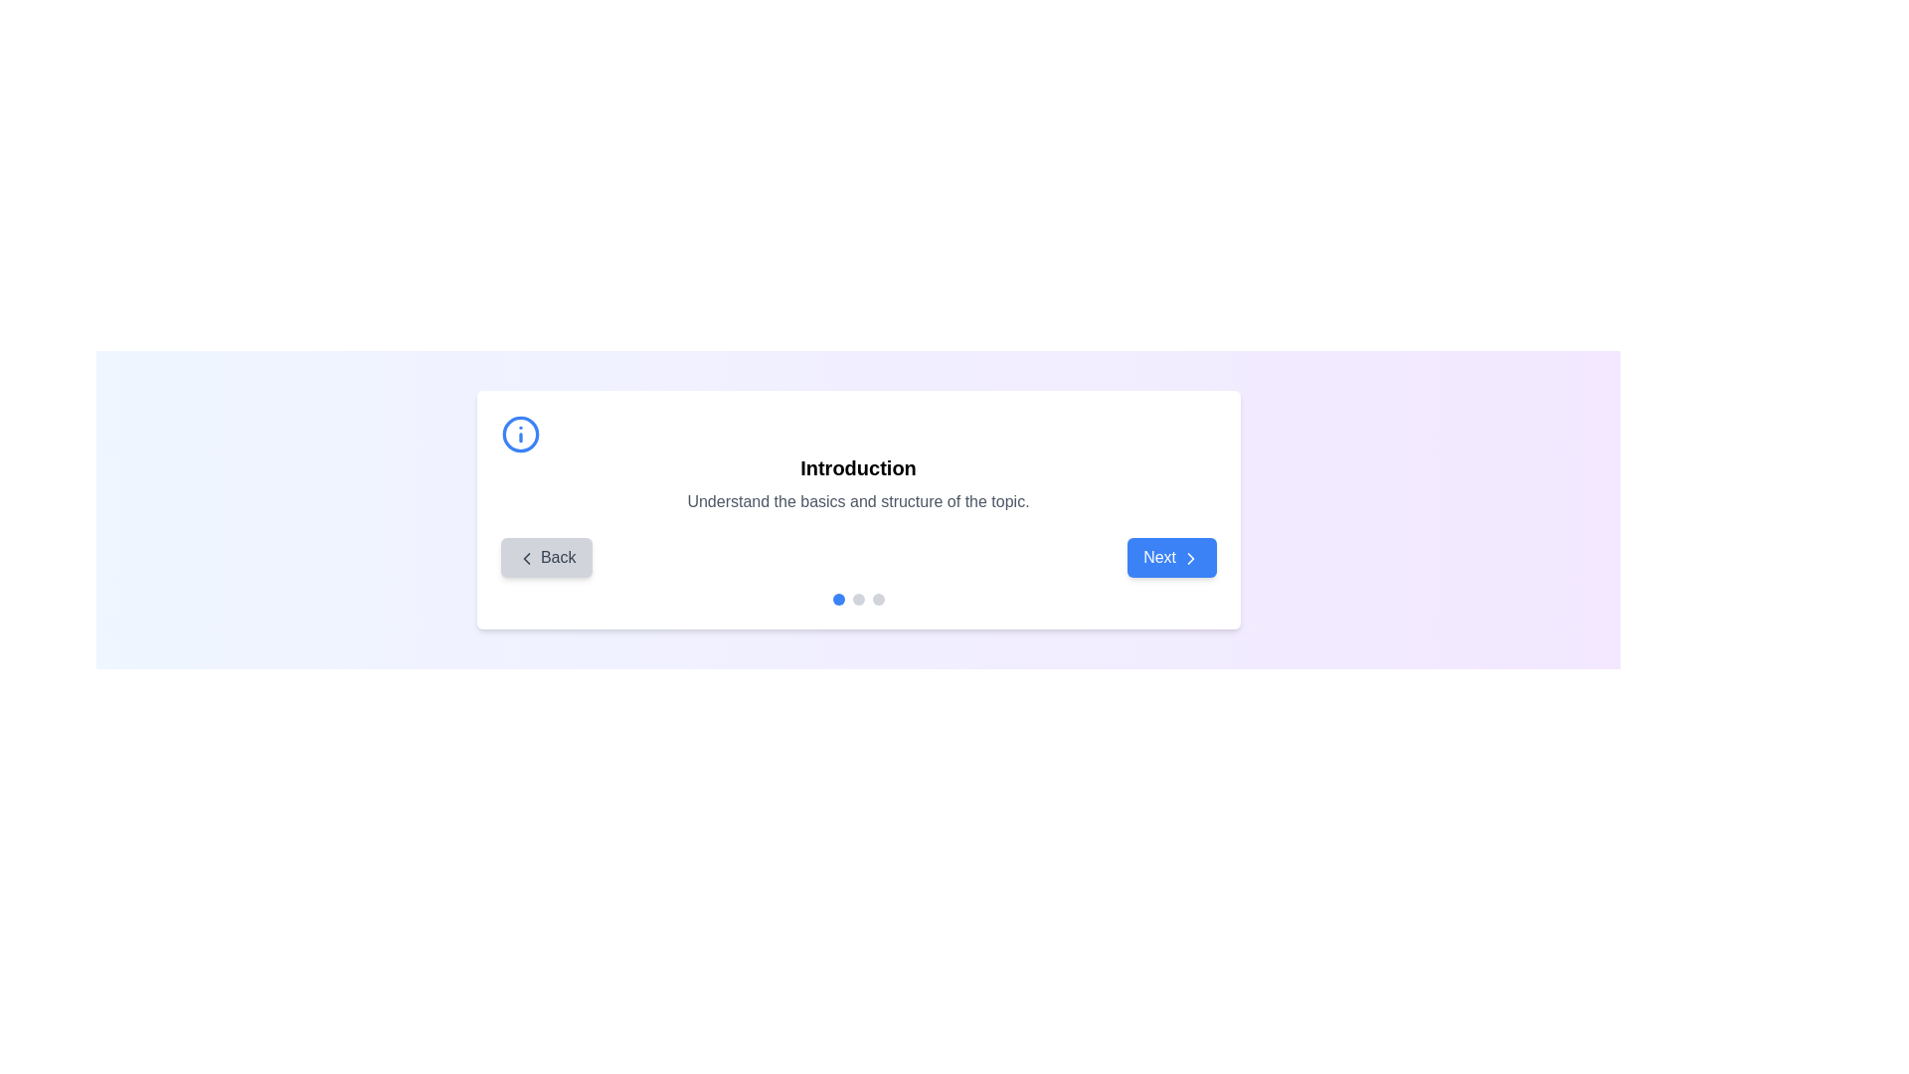  What do you see at coordinates (520, 433) in the screenshot?
I see `the central circular part of the information icon with a light blue outline, located to the left of the 'Introduction' section` at bounding box center [520, 433].